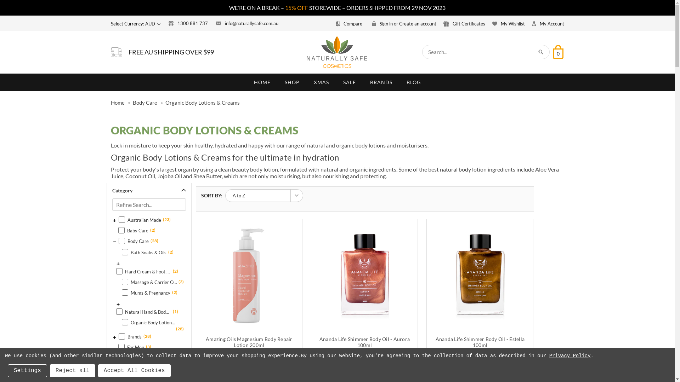 This screenshot has width=680, height=382. What do you see at coordinates (27, 370) in the screenshot?
I see `'Settings'` at bounding box center [27, 370].